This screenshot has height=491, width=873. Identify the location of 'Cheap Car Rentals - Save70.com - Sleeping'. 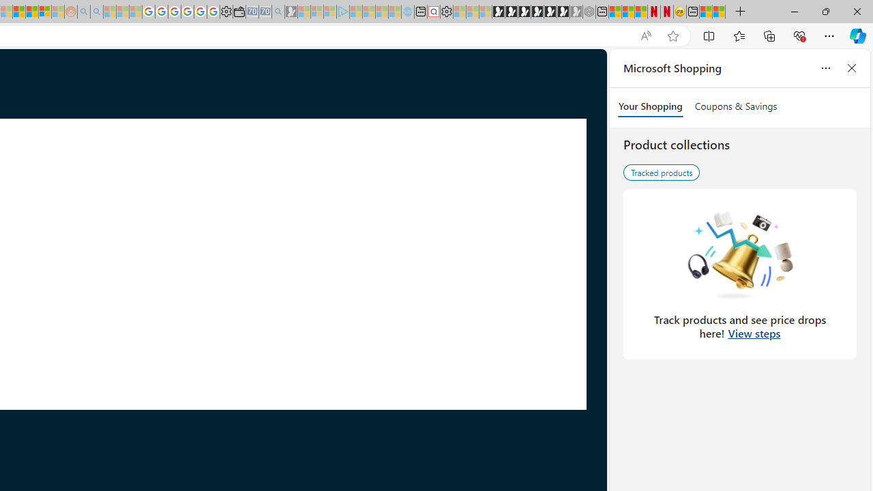
(265, 12).